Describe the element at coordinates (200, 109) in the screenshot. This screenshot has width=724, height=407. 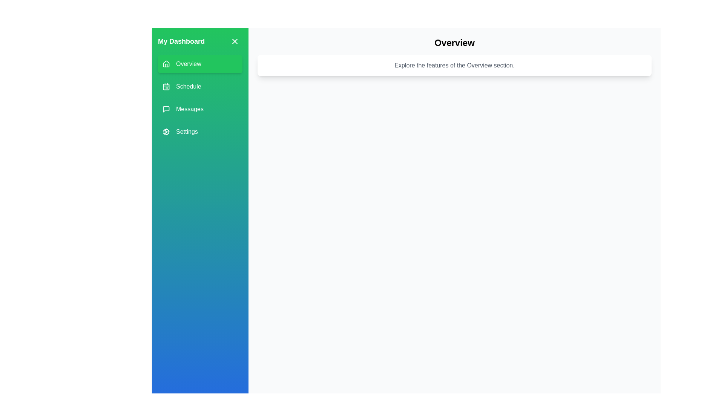
I see `the menu item Messages to observe its hover effect` at that location.